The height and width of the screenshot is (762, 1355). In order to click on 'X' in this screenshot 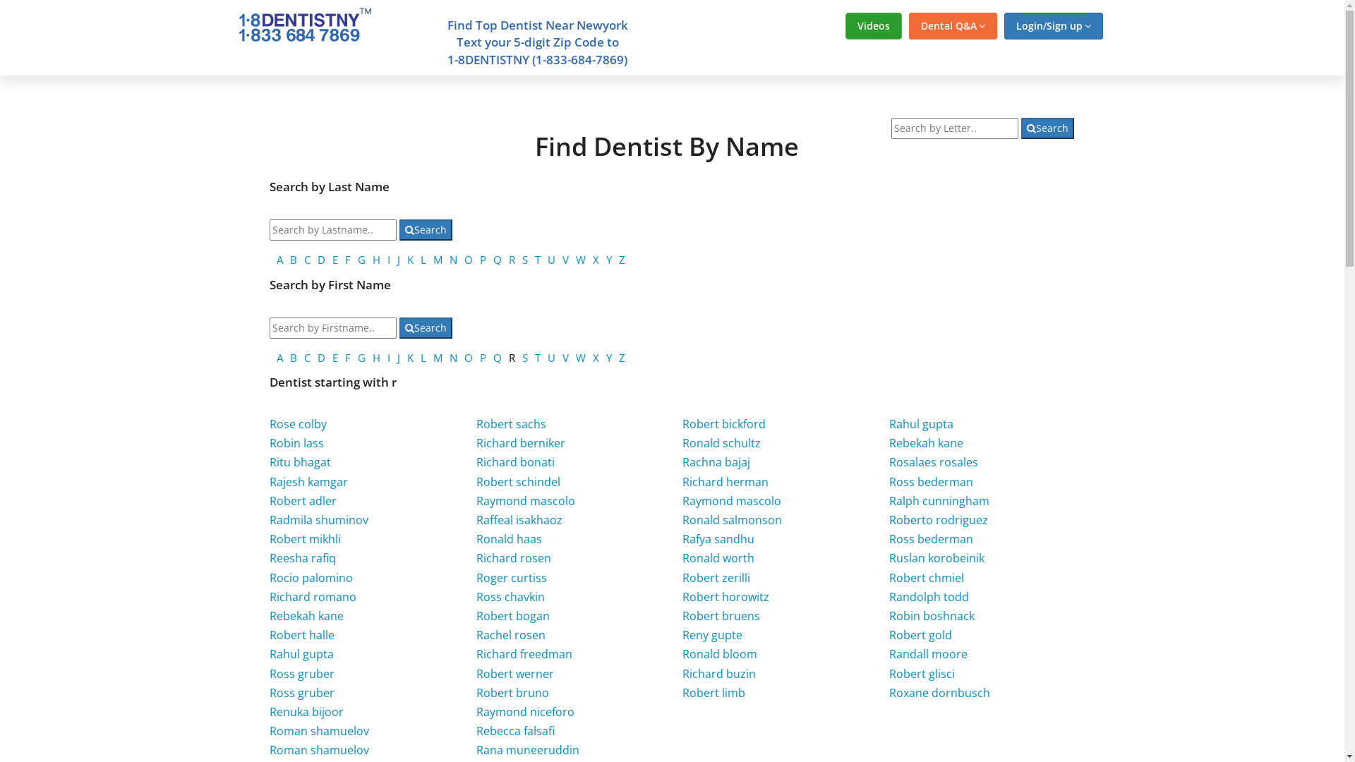, I will do `click(596, 259)`.